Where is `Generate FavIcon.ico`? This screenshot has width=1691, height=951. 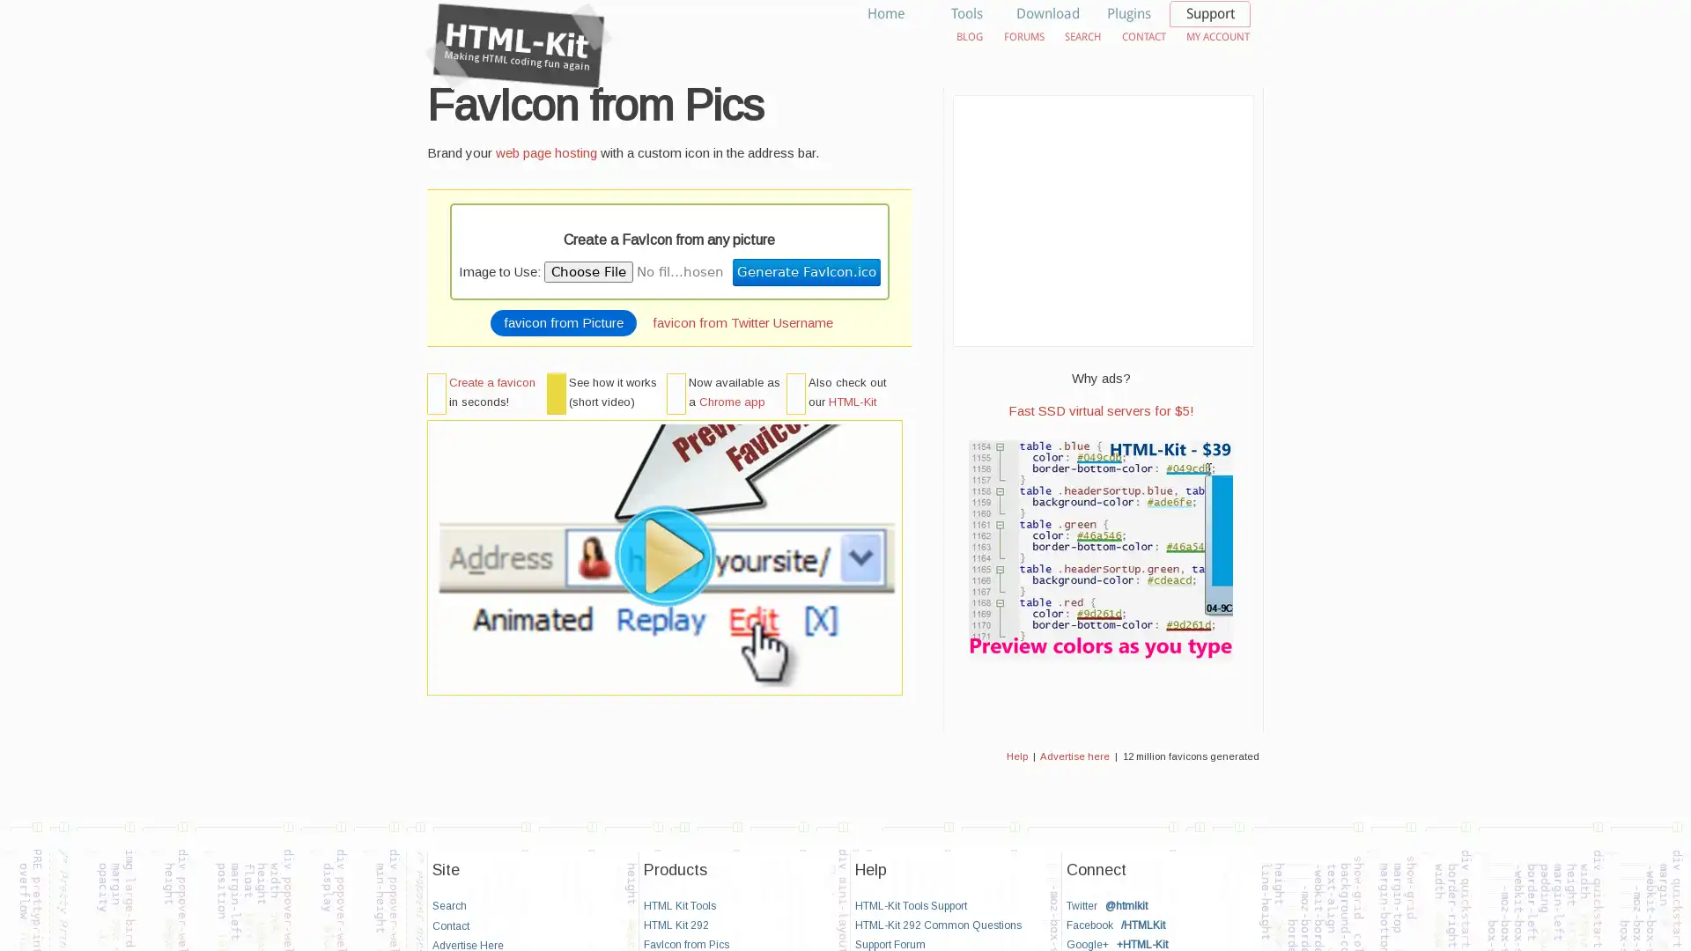
Generate FavIcon.ico is located at coordinates (805, 271).